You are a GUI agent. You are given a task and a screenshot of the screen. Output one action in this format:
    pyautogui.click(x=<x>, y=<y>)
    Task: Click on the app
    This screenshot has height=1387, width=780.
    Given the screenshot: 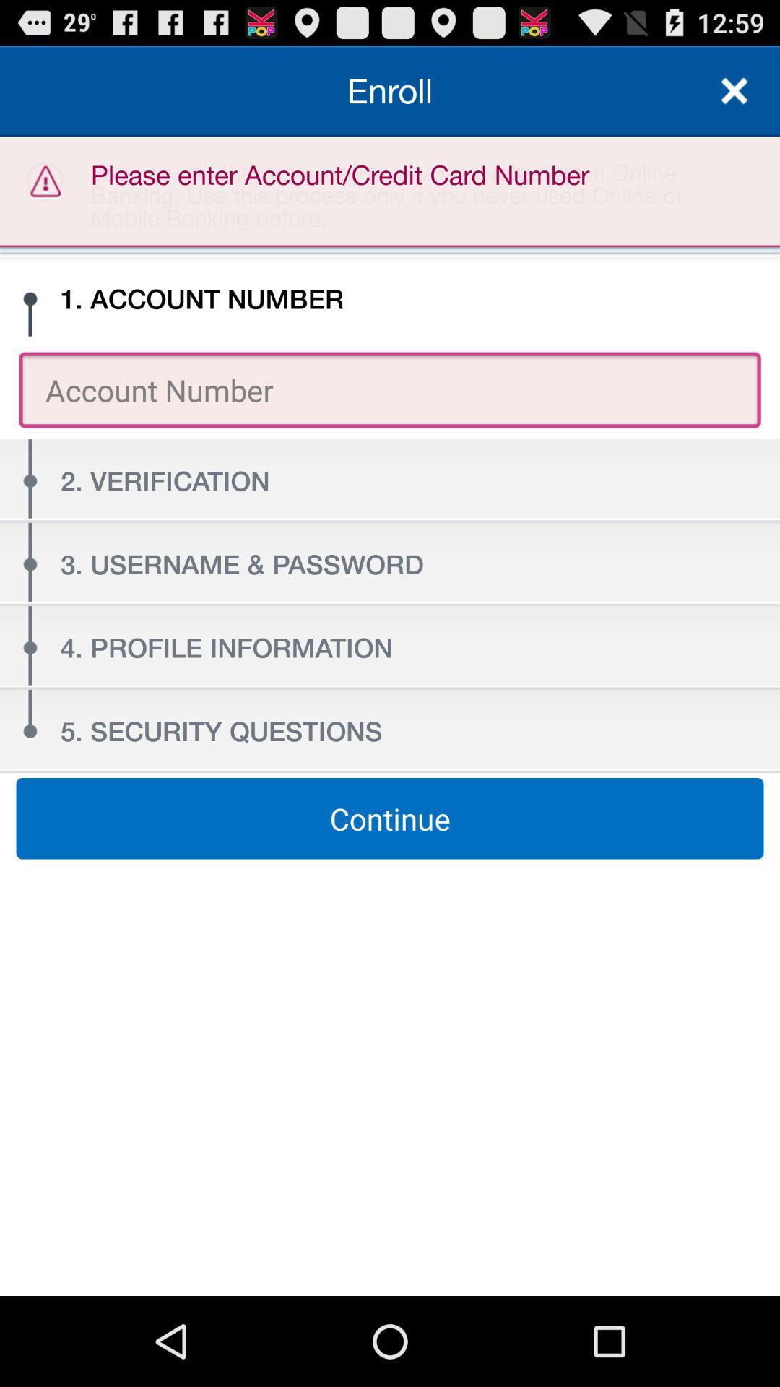 What is the action you would take?
    pyautogui.click(x=734, y=90)
    